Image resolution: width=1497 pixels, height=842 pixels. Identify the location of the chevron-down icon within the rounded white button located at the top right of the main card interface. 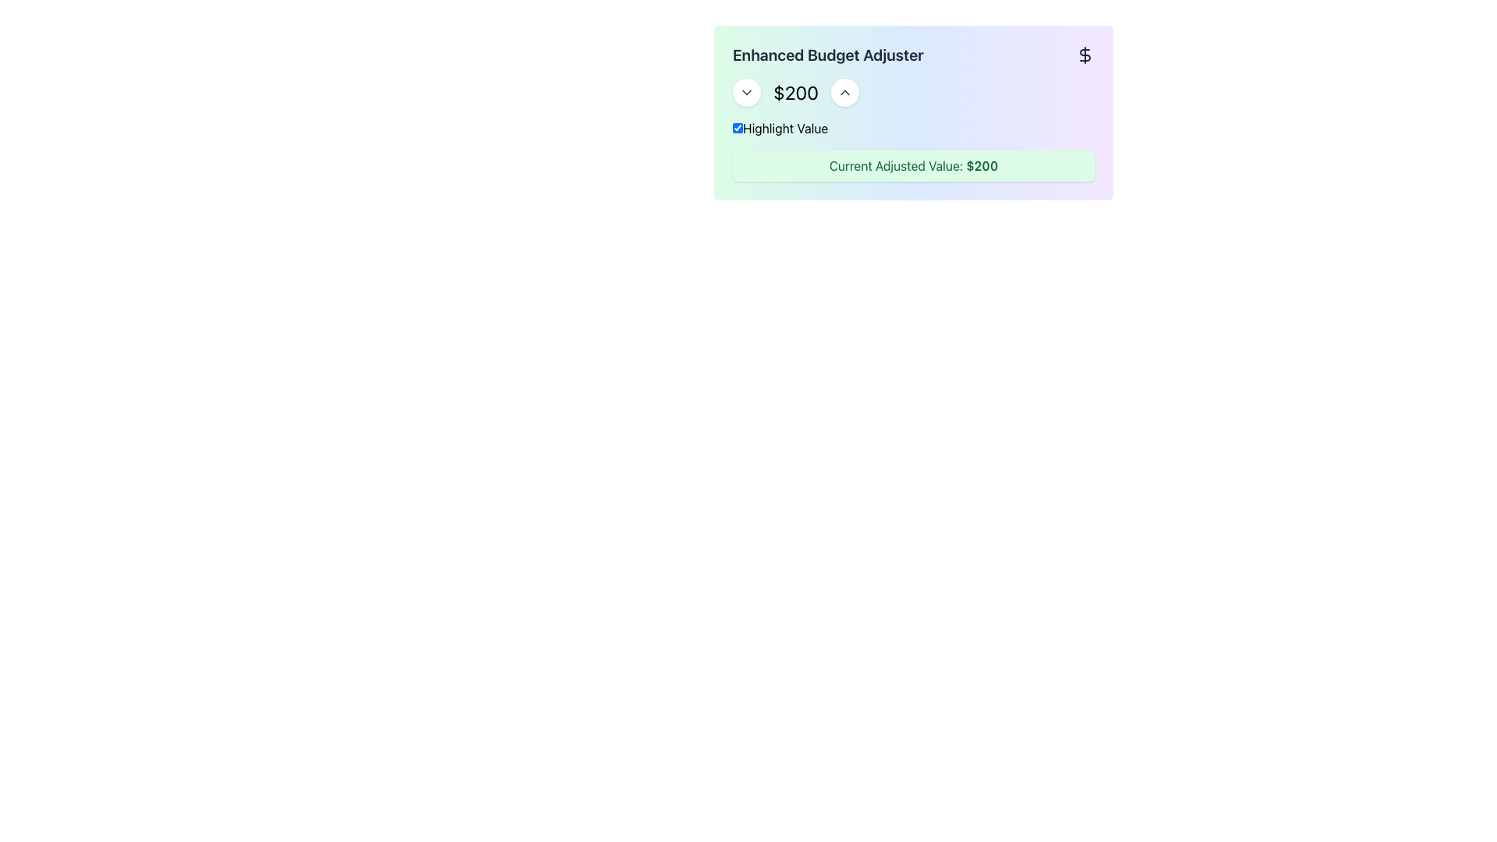
(746, 93).